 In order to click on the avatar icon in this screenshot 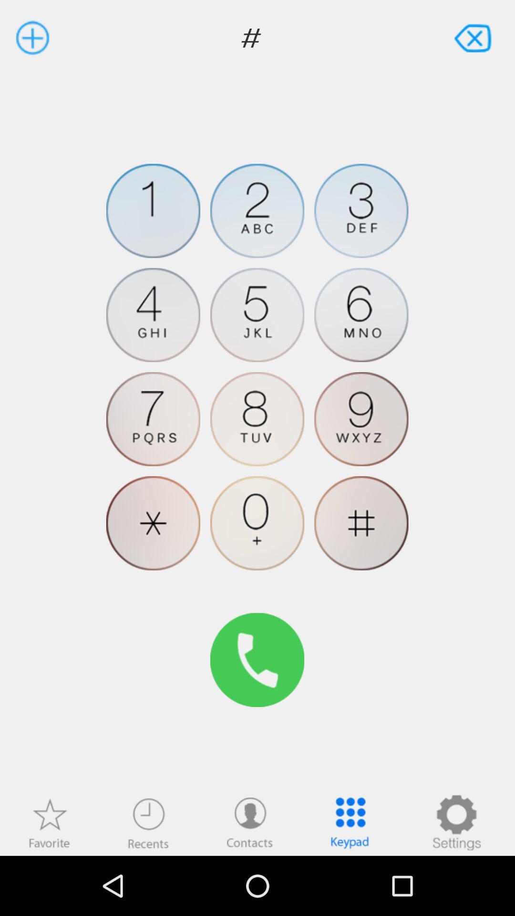, I will do `click(249, 880)`.